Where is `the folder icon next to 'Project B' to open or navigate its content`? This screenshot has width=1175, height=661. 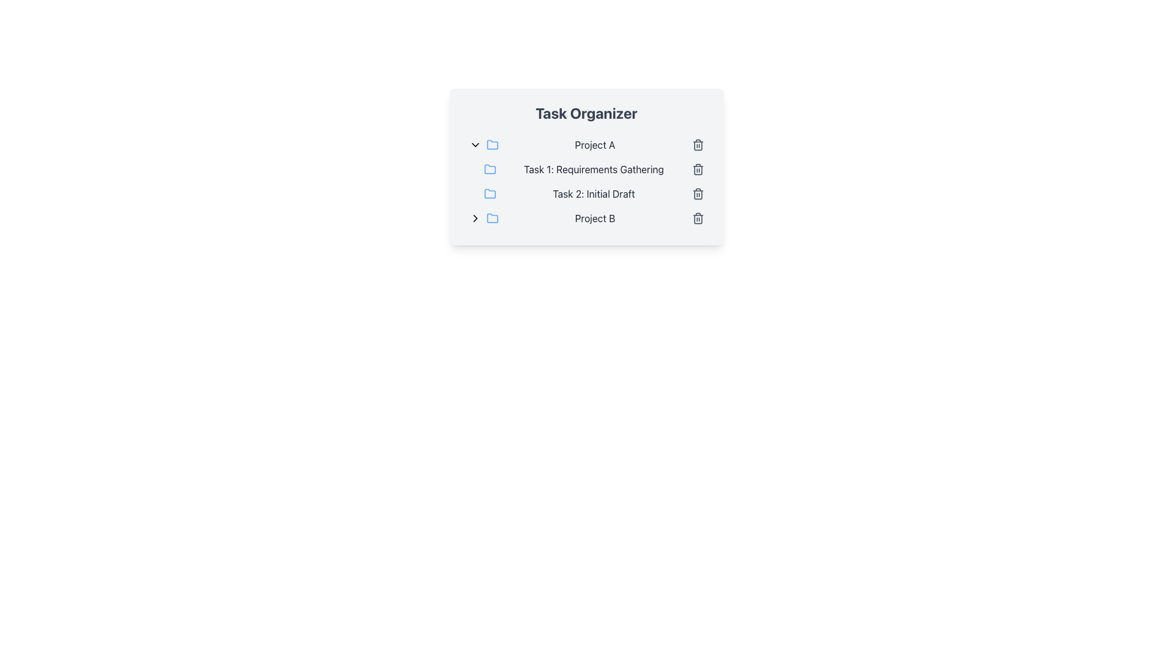
the folder icon next to 'Project B' to open or navigate its content is located at coordinates (492, 217).